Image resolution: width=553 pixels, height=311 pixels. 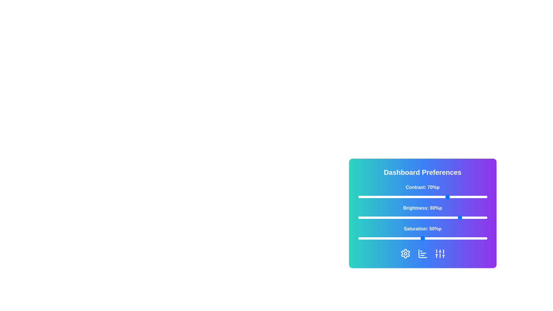 I want to click on the 'Saturation' slider to 97%, so click(x=483, y=238).